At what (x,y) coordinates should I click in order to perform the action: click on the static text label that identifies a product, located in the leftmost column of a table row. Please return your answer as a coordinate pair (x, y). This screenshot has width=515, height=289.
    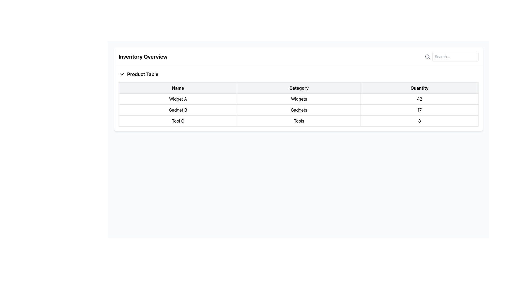
    Looking at the image, I should click on (178, 121).